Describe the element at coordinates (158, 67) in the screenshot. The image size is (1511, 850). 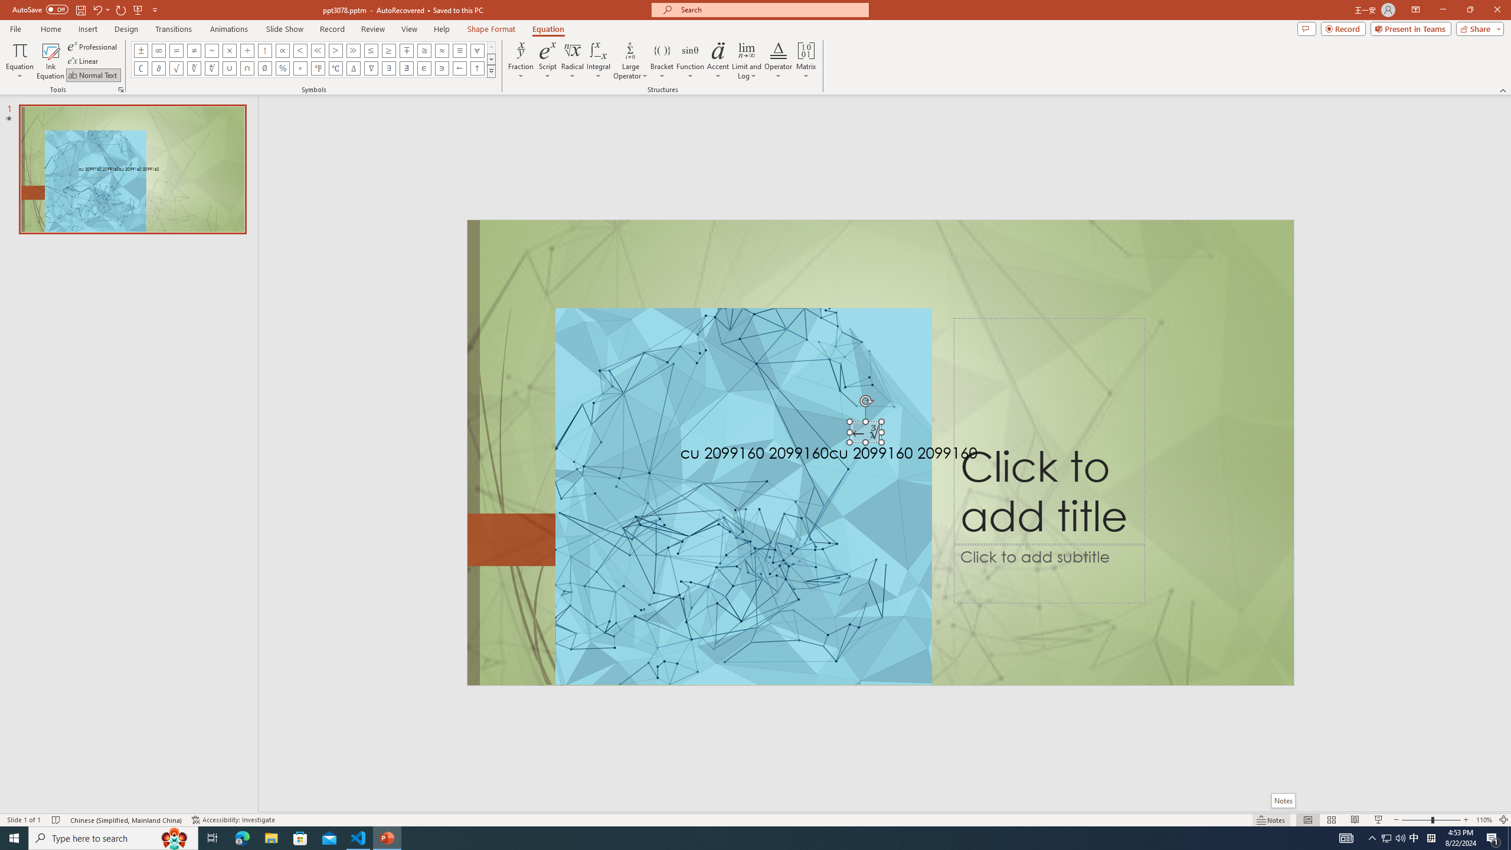
I see `'Equation Symbol Partial Differential'` at that location.